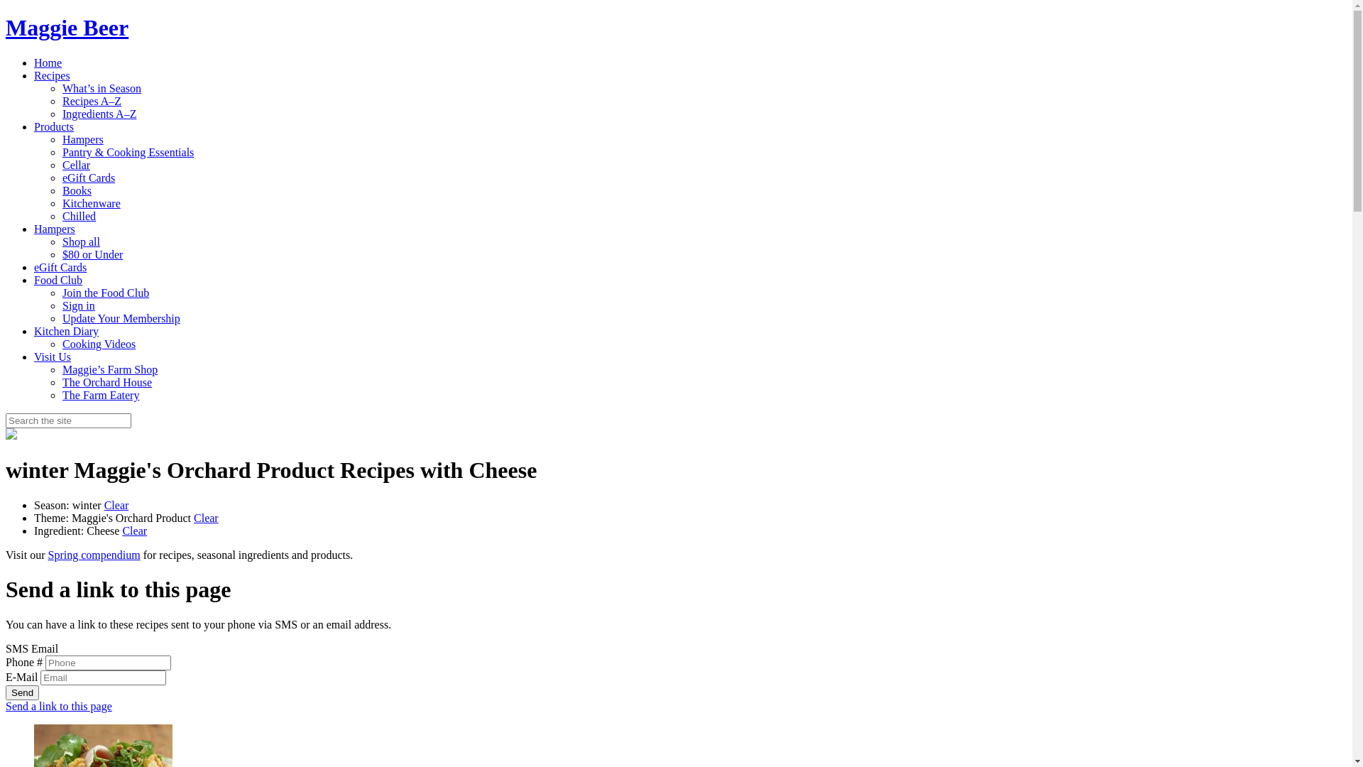 The image size is (1363, 767). I want to click on 'Cellar', so click(61, 164).